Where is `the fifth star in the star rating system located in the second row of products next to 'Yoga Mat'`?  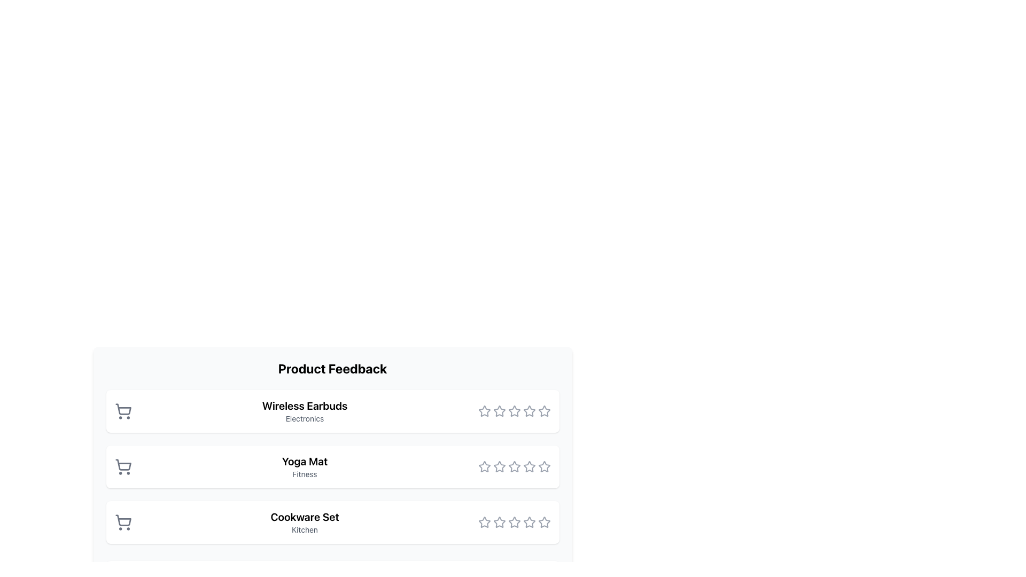
the fifth star in the star rating system located in the second row of products next to 'Yoga Mat' is located at coordinates (544, 466).